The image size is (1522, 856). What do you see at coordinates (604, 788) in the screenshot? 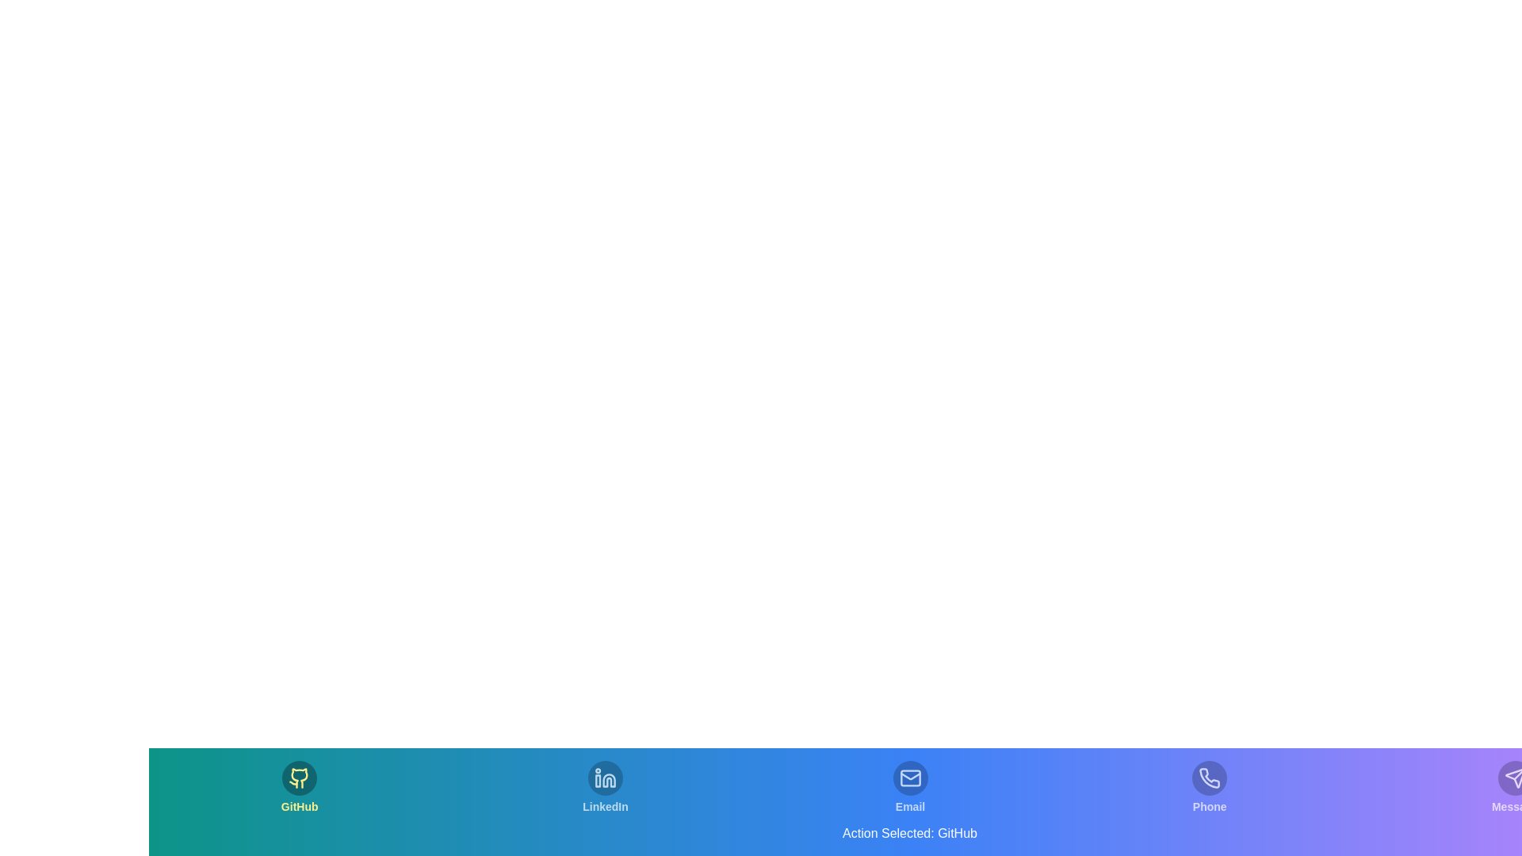
I see `the icon labeled LinkedIn to observe its hover effect` at bounding box center [604, 788].